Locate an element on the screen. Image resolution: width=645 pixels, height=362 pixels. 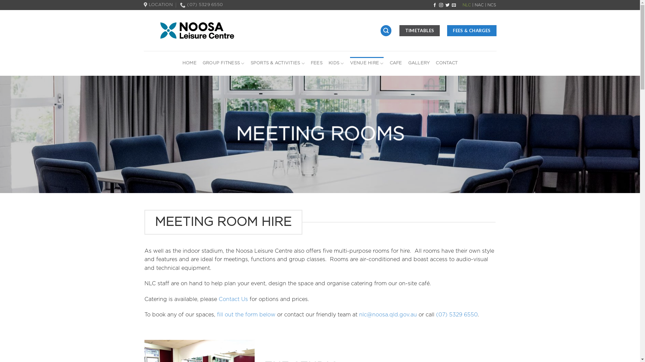
'LOCATION' is located at coordinates (158, 5).